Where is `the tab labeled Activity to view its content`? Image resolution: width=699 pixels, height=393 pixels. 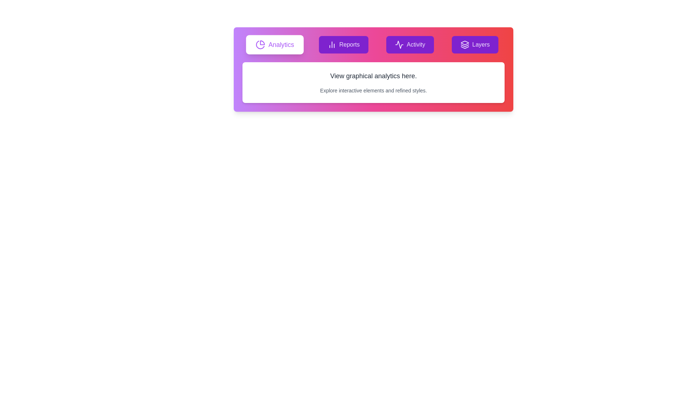
the tab labeled Activity to view its content is located at coordinates (410, 45).